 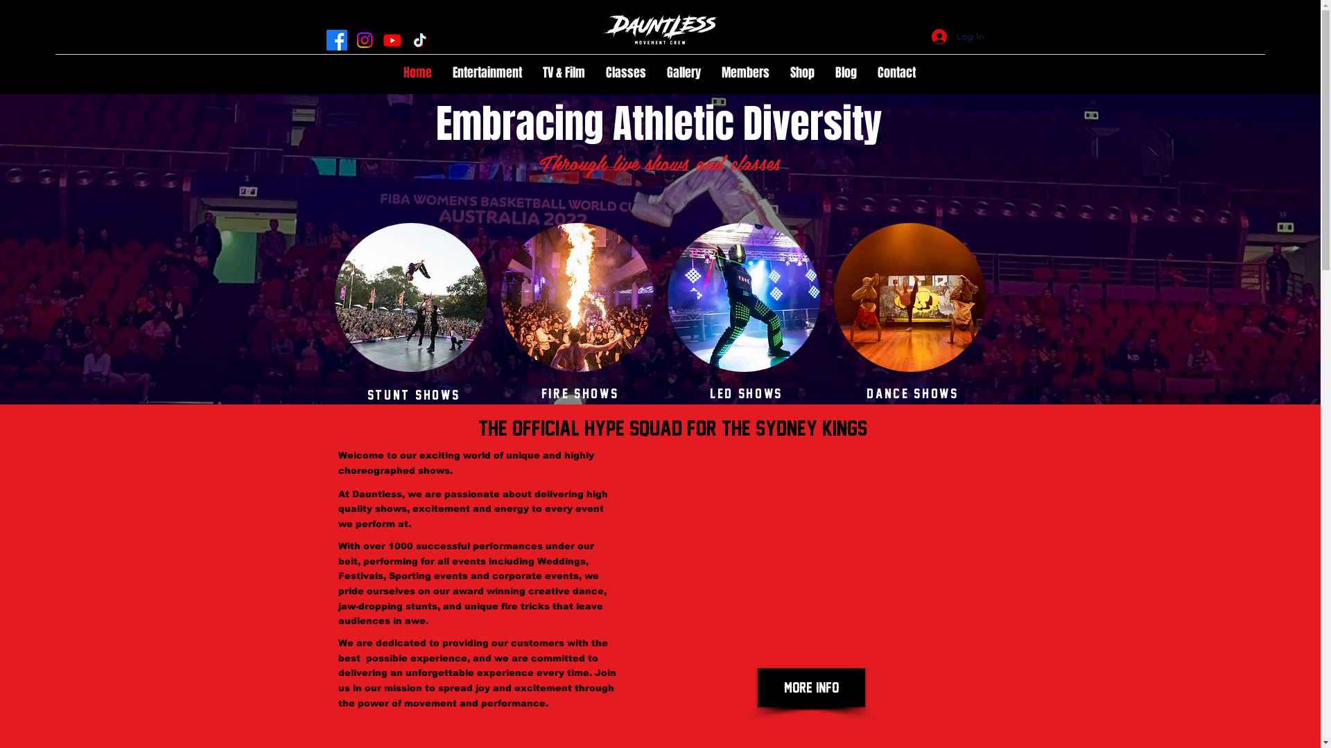 I want to click on 'Contact', so click(x=896, y=73).